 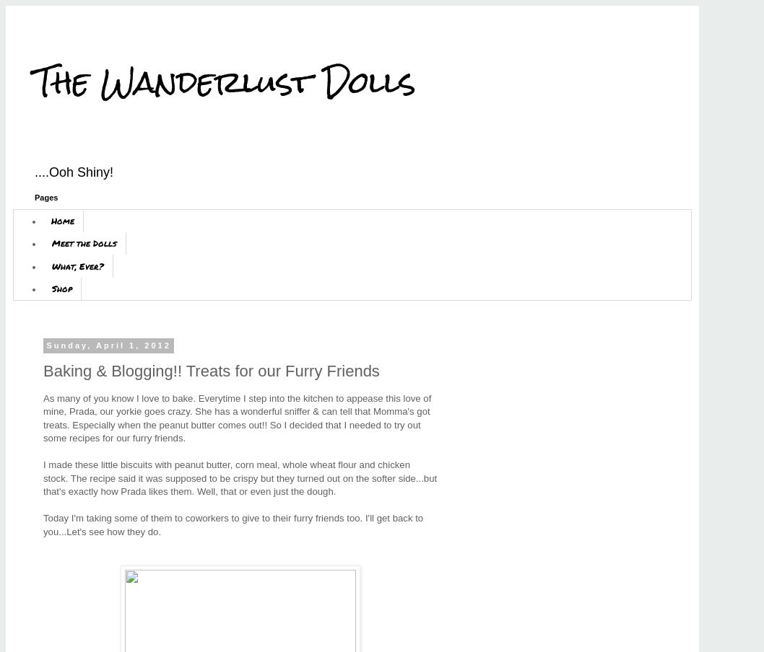 What do you see at coordinates (73, 171) in the screenshot?
I see `'....Ooh Shiny!'` at bounding box center [73, 171].